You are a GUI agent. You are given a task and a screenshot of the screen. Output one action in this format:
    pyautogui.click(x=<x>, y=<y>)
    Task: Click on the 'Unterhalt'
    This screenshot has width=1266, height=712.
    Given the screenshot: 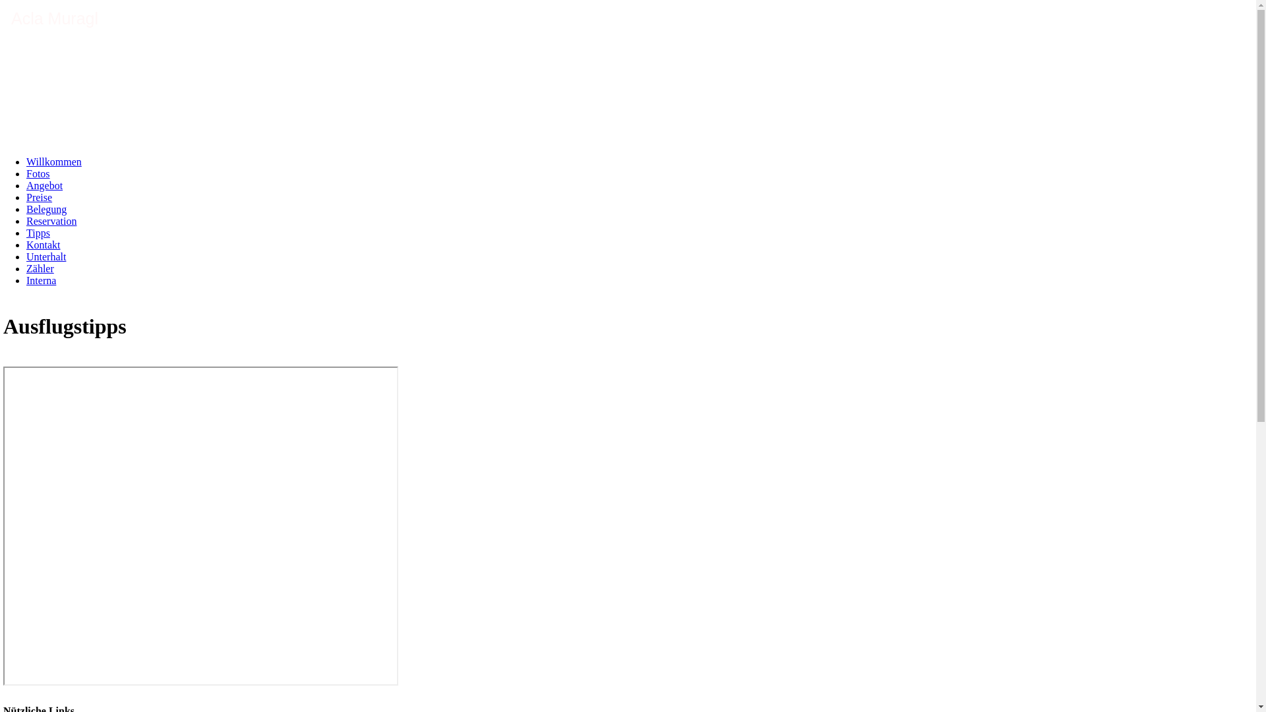 What is the action you would take?
    pyautogui.click(x=26, y=256)
    